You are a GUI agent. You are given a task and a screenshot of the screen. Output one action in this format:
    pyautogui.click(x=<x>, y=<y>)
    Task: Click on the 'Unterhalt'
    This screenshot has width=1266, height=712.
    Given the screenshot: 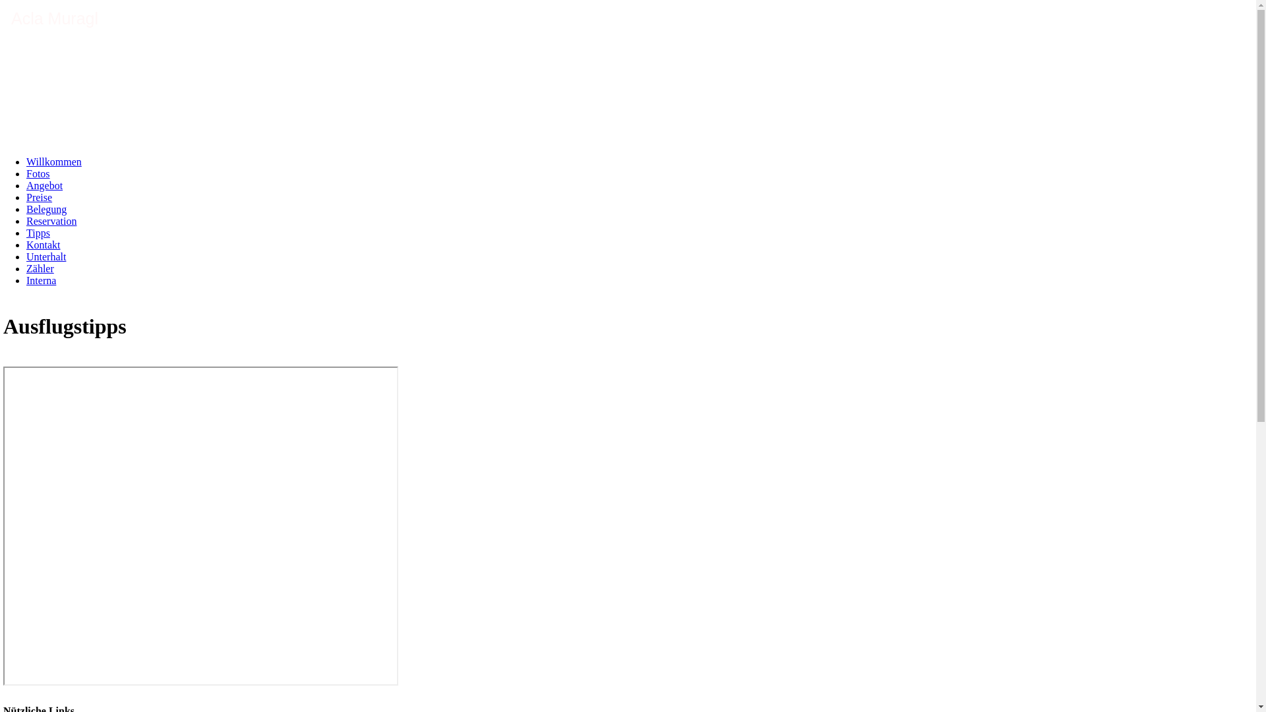 What is the action you would take?
    pyautogui.click(x=26, y=256)
    